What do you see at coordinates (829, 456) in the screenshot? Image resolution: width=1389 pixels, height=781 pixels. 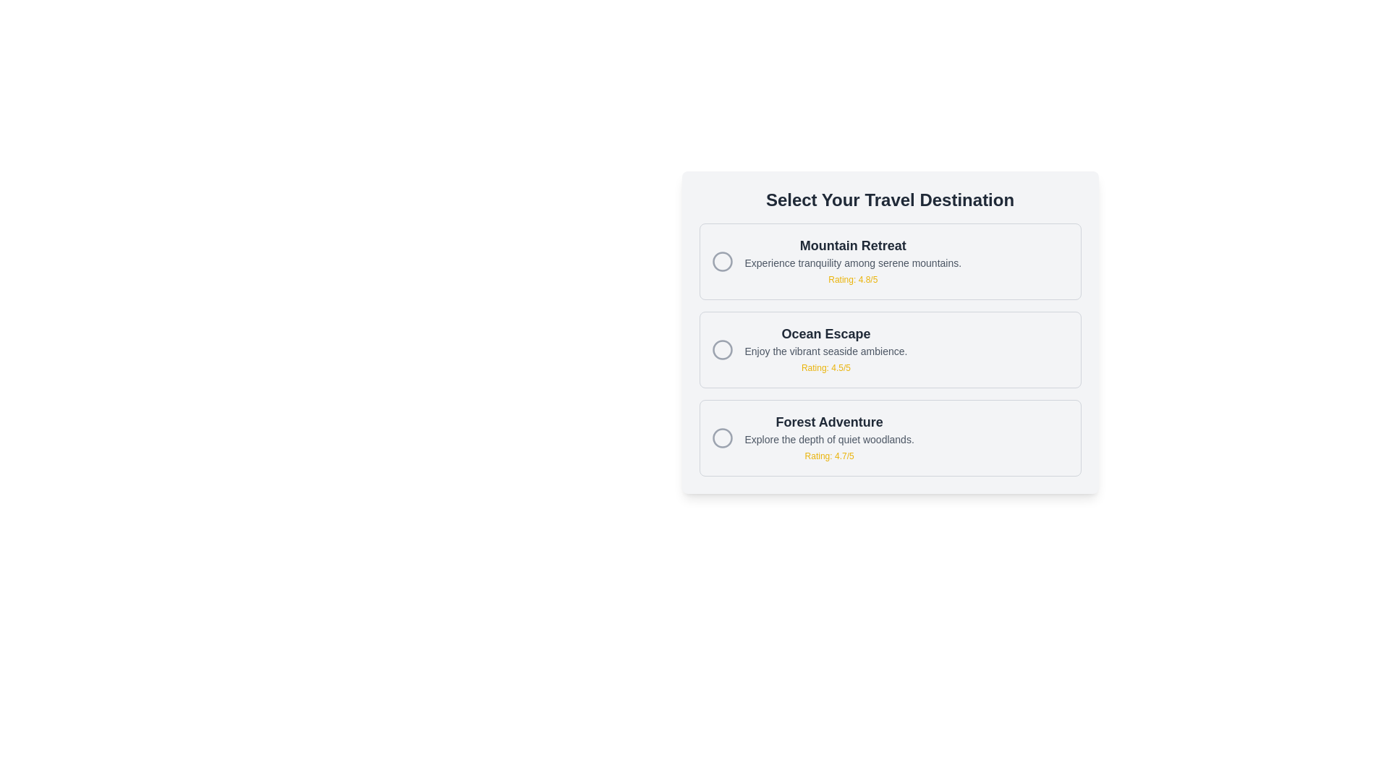 I see `the static text label displaying the rating information for the 'Forest Adventure' option, located at the bottom-right of the corresponding card` at bounding box center [829, 456].